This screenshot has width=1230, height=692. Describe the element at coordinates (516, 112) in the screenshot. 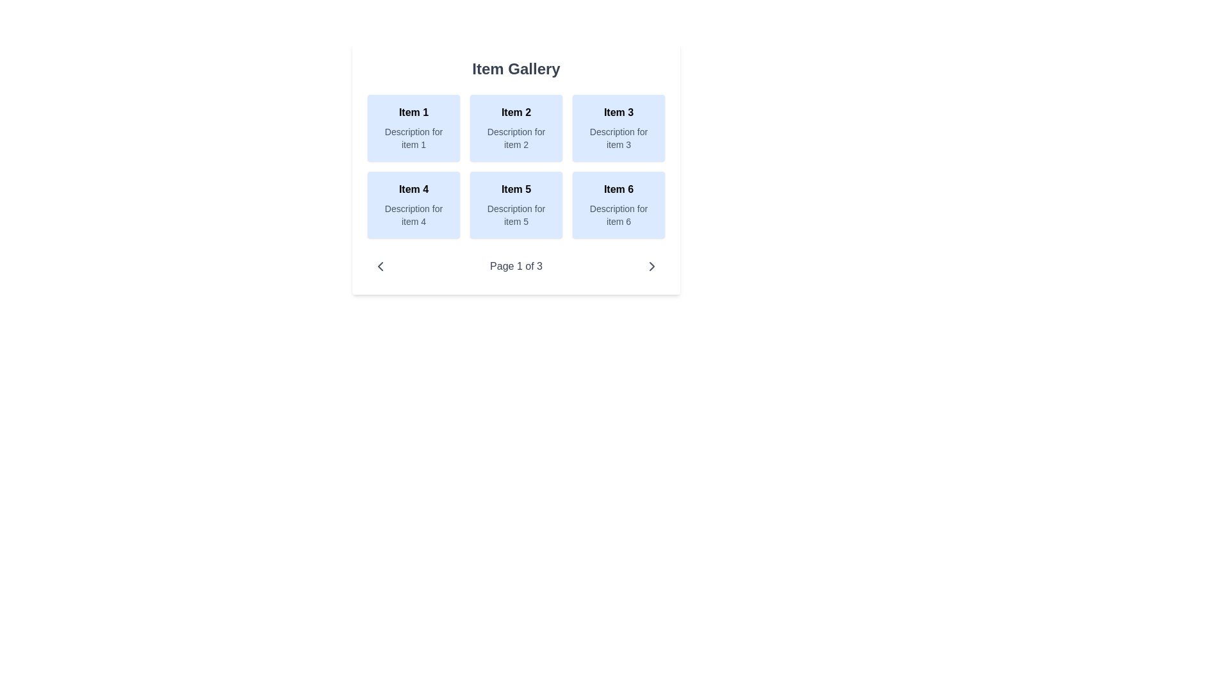

I see `text content of the bolded label displaying 'Item 2' located in the second card of the first row with a light blue background` at that location.